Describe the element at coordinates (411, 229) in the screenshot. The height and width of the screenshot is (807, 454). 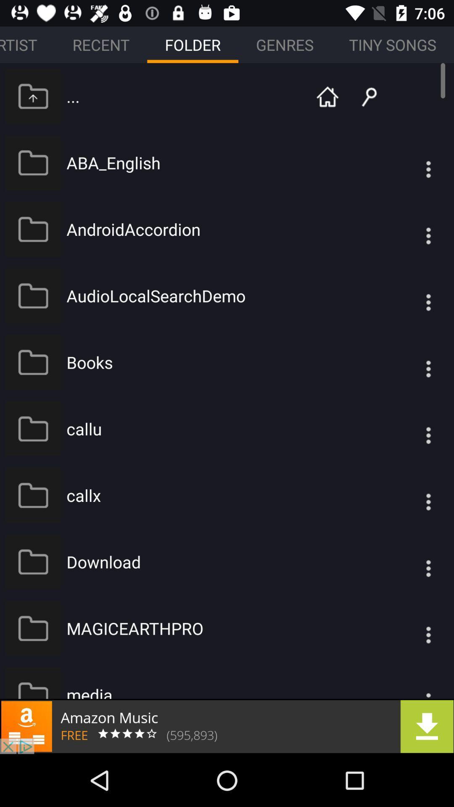
I see `folder menu` at that location.